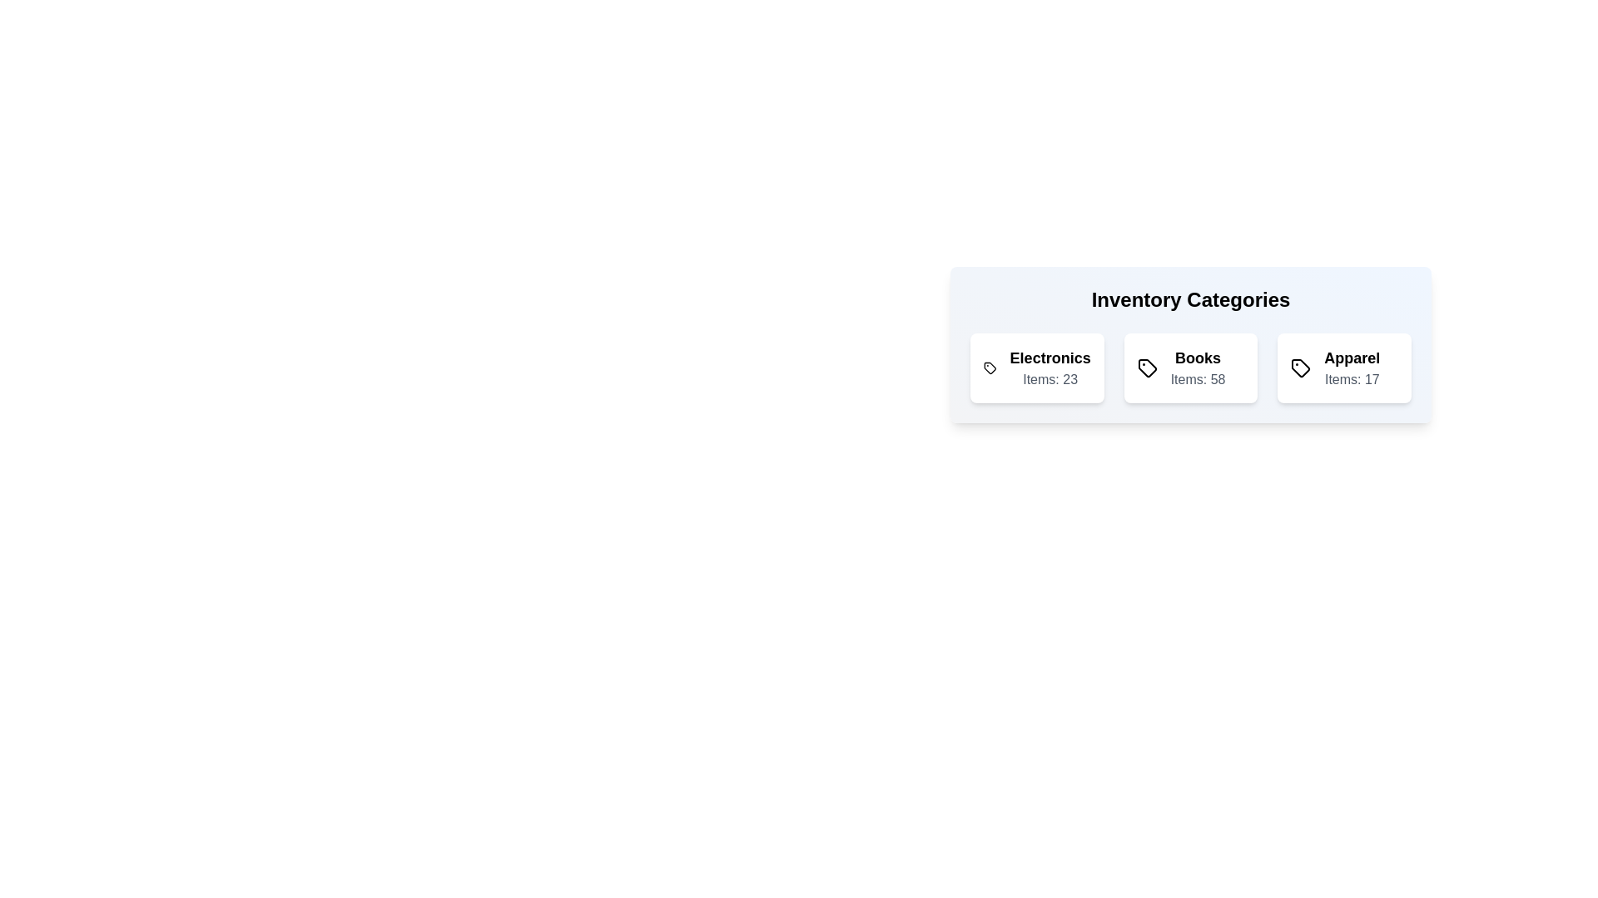  Describe the element at coordinates (1345, 368) in the screenshot. I see `the category card corresponding to Apparel` at that location.